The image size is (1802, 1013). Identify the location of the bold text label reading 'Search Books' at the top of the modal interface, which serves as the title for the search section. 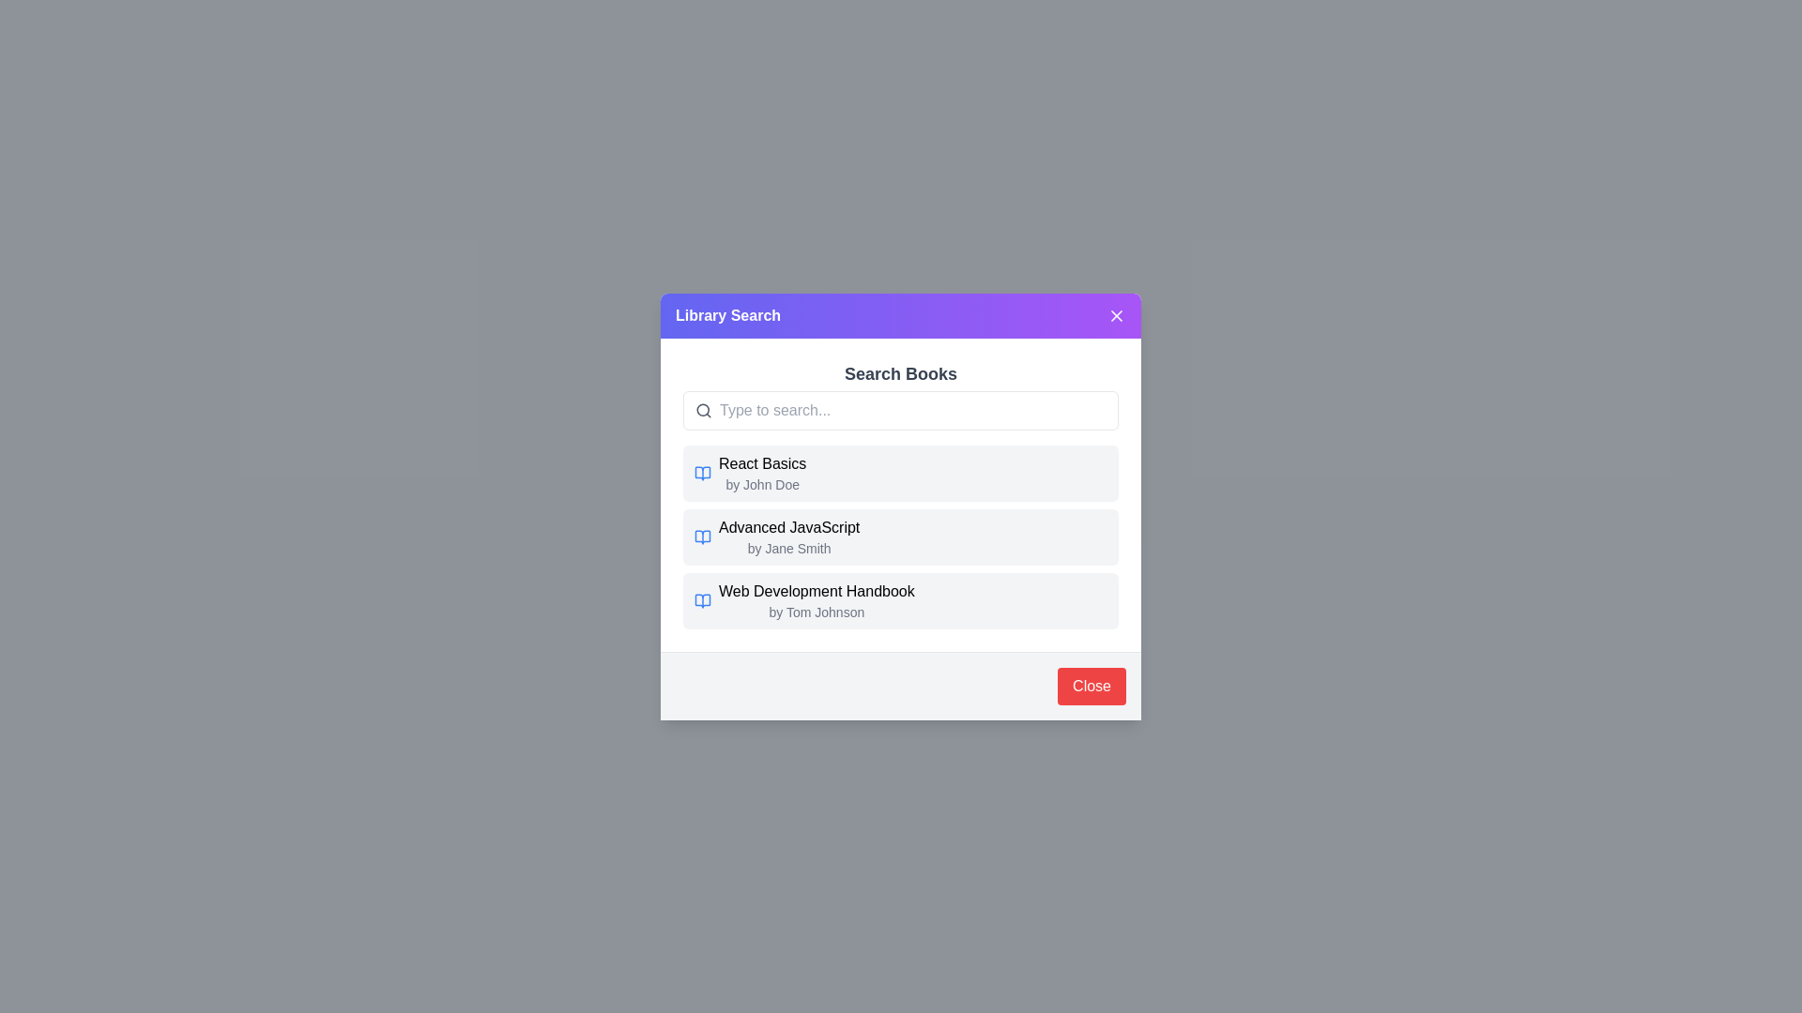
(901, 373).